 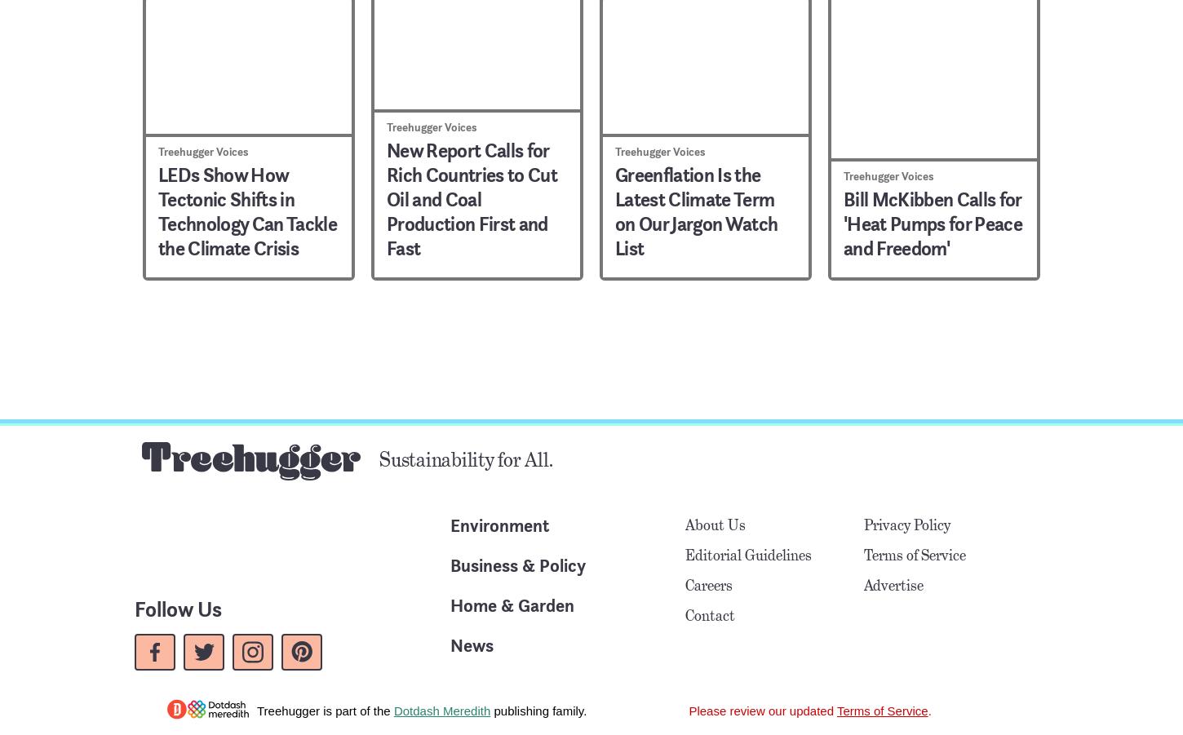 What do you see at coordinates (932, 223) in the screenshot?
I see `'Bill McKibben Calls for 'Heat Pumps for Peace and Freedom''` at bounding box center [932, 223].